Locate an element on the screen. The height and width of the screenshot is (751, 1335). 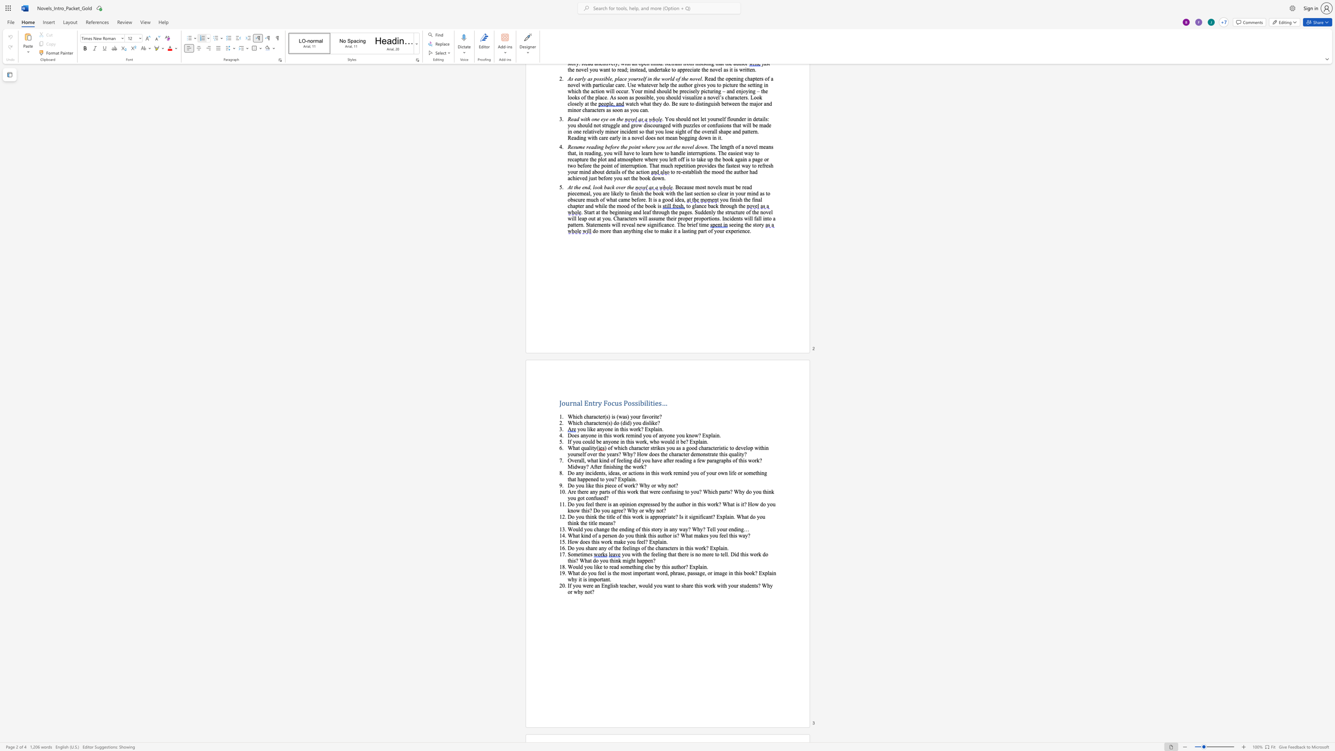
the space between the continuous character "l" and "e" in the text is located at coordinates (613, 516).